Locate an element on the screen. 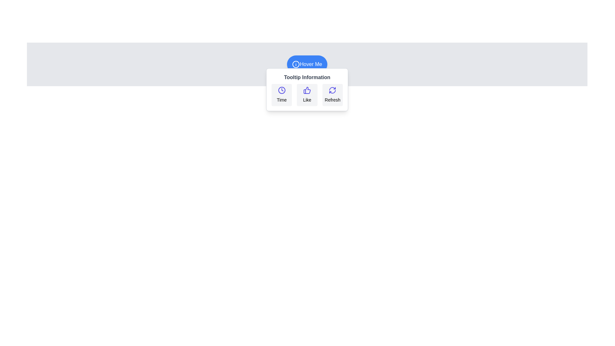 This screenshot has width=615, height=346. the area of the circular icon representing the 'Time' indicator within the clock graphic by moving the mouse to its center is located at coordinates (282, 90).